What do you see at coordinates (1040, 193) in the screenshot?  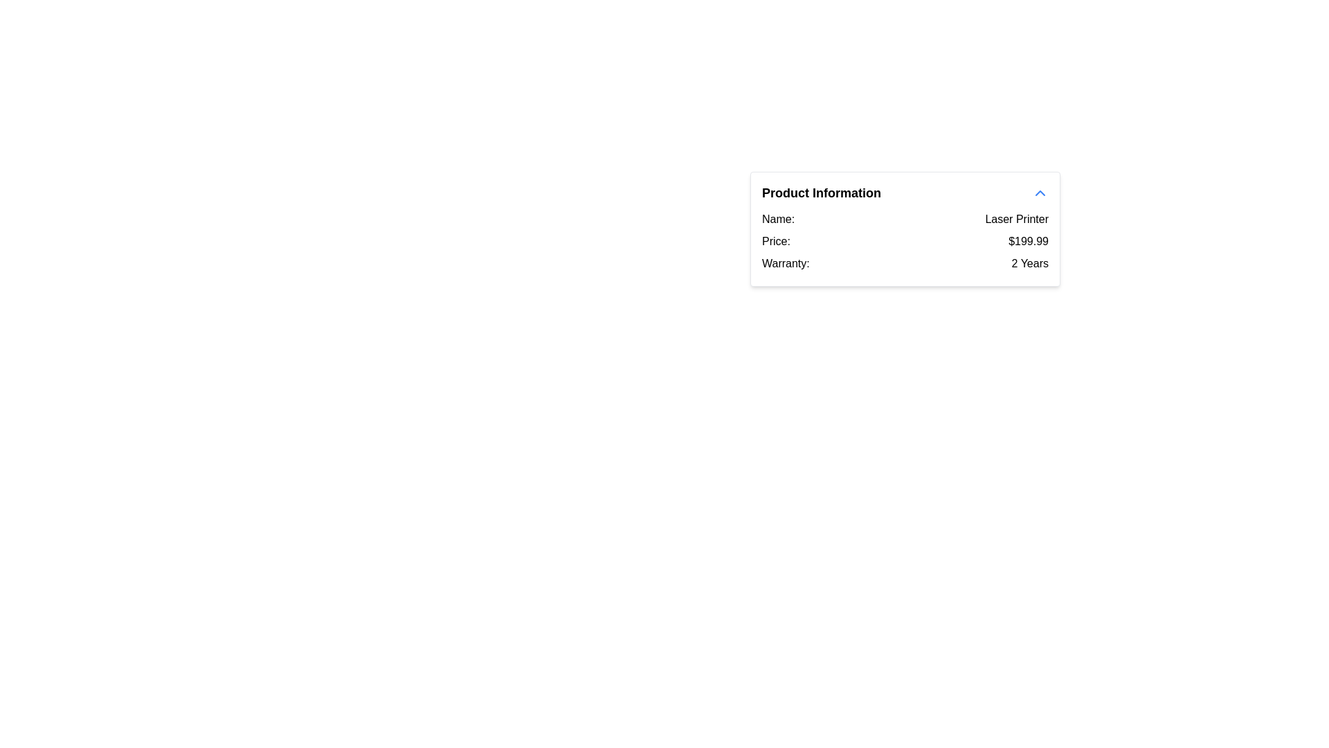 I see `the icon located in the top-right corner of the product information section` at bounding box center [1040, 193].